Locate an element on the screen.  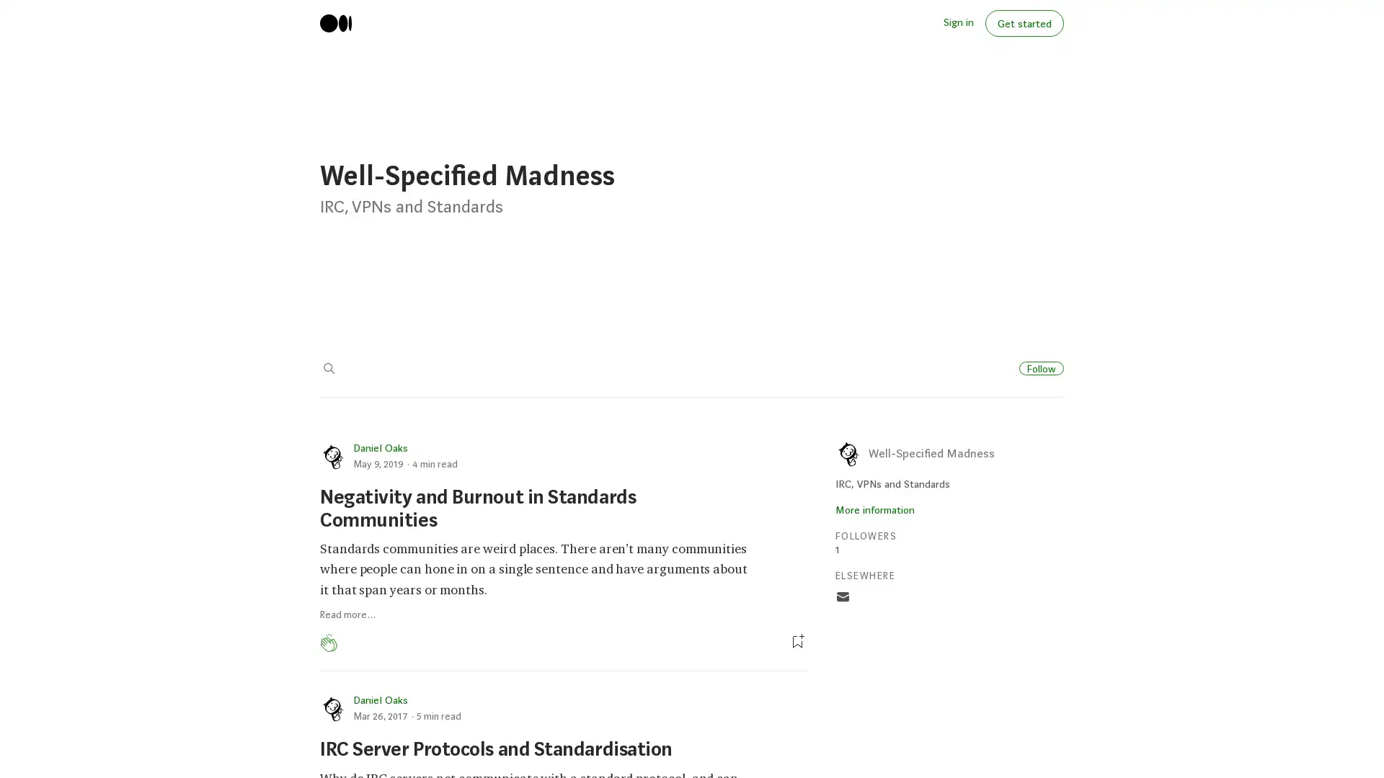
Follow is located at coordinates (1041, 367).